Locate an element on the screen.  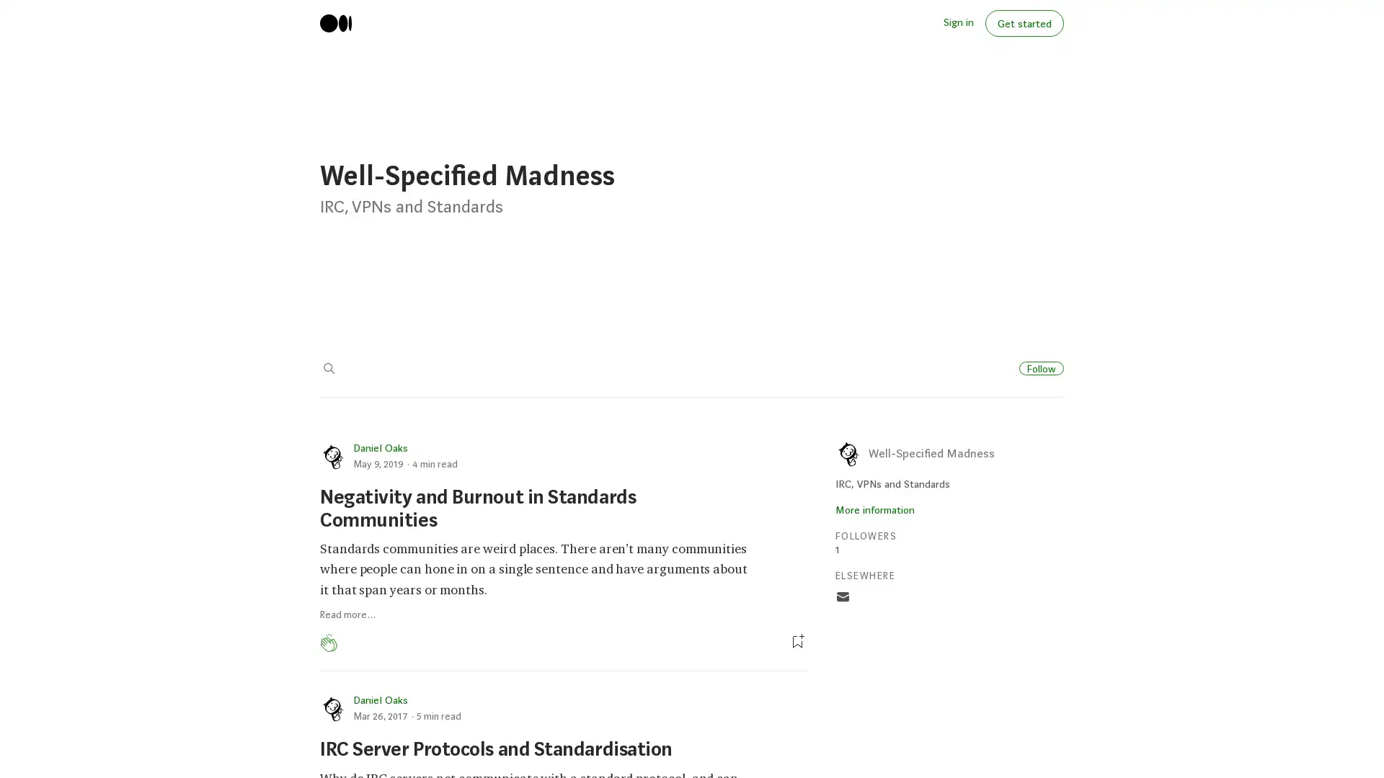
Follow is located at coordinates (1041, 367).